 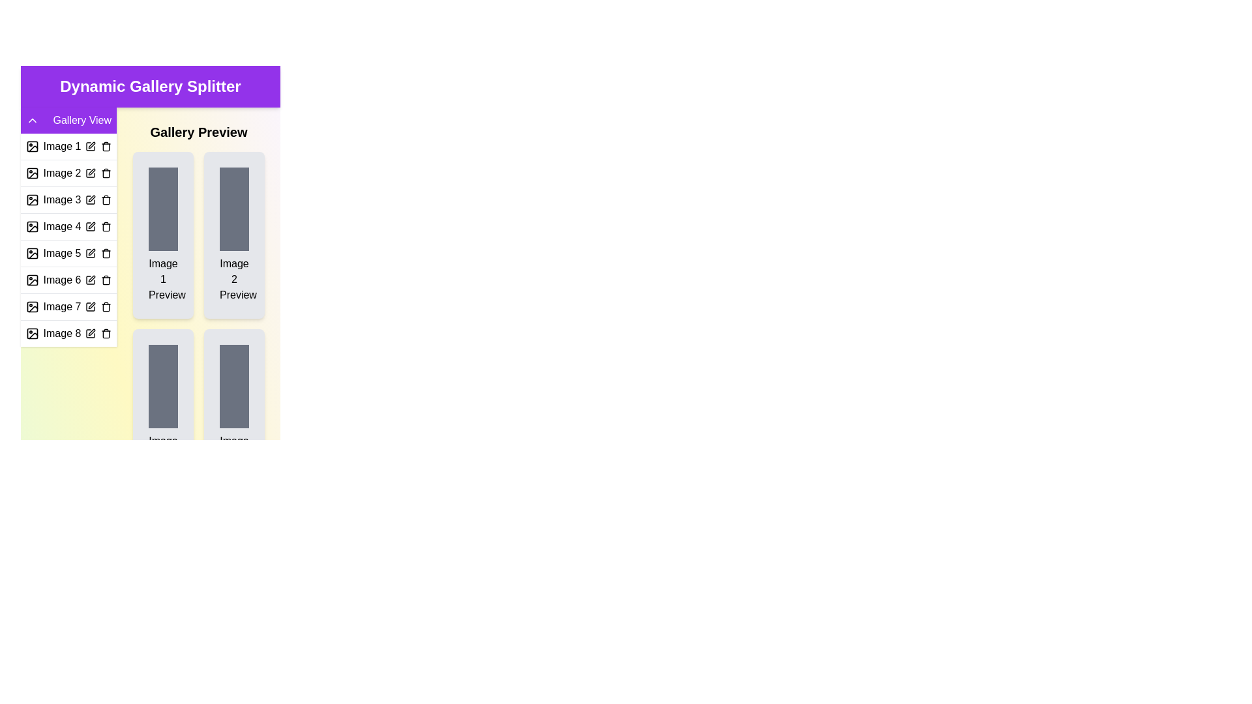 What do you see at coordinates (97, 279) in the screenshot?
I see `the left icon in the horizontal group of icon buttons located to the right of the 'Image 6' label to initiate editing` at bounding box center [97, 279].